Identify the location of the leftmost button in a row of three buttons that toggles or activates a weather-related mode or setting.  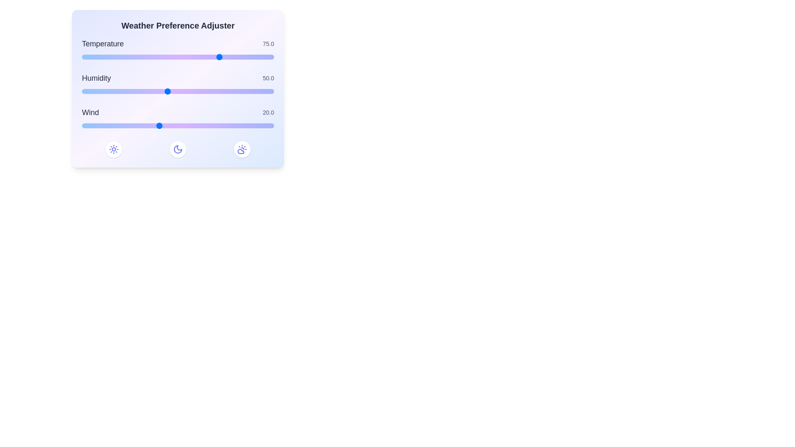
(113, 149).